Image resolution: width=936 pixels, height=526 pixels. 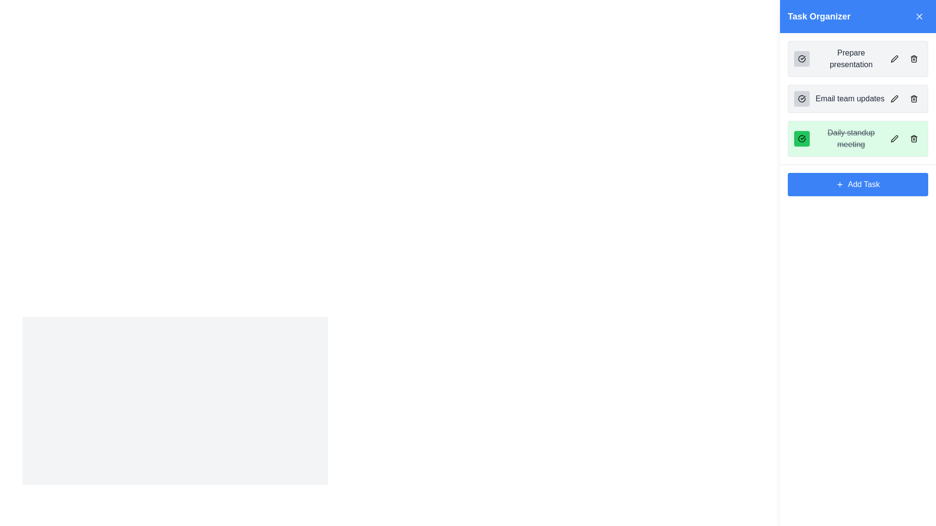 I want to click on the delete task icon located to the far right of the first task titled 'Prepare presentation' in the Task Organizer panel, so click(x=914, y=58).